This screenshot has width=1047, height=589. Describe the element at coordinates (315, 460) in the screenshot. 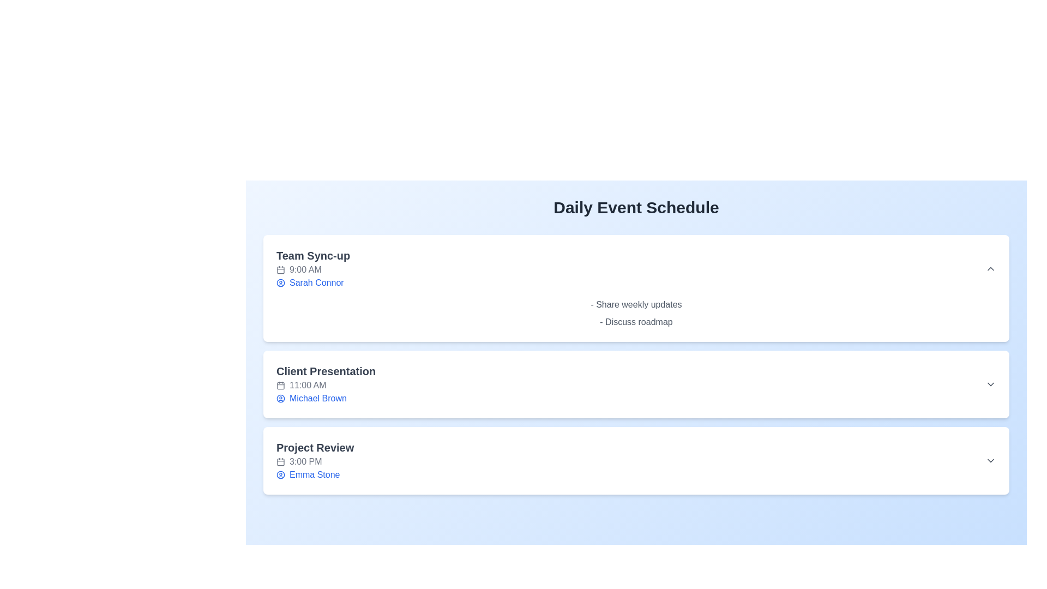

I see `the Information Display Block that contains the text 'Project Review', '3:00 PM', and 'Emma Stone', located in the third card under 'Daily Event Schedule'` at that location.